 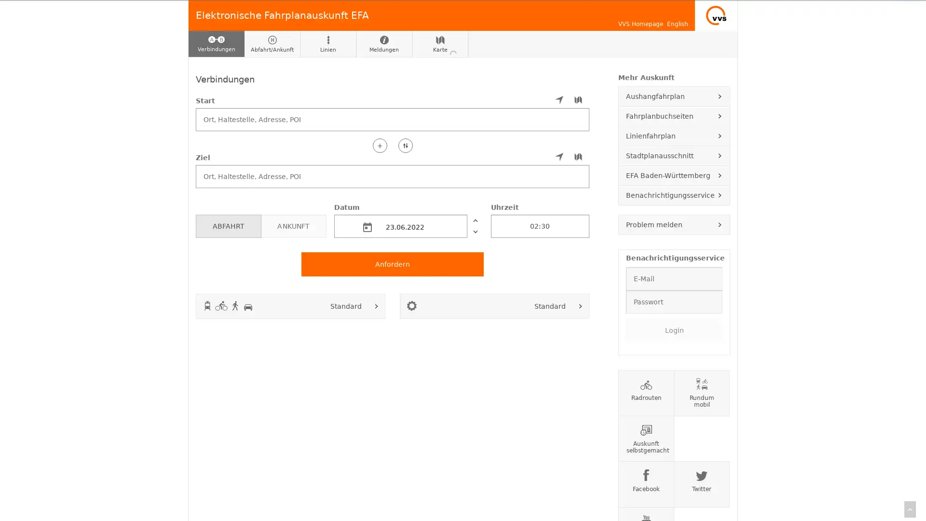 What do you see at coordinates (216, 44) in the screenshot?
I see `Verbindungen` at bounding box center [216, 44].